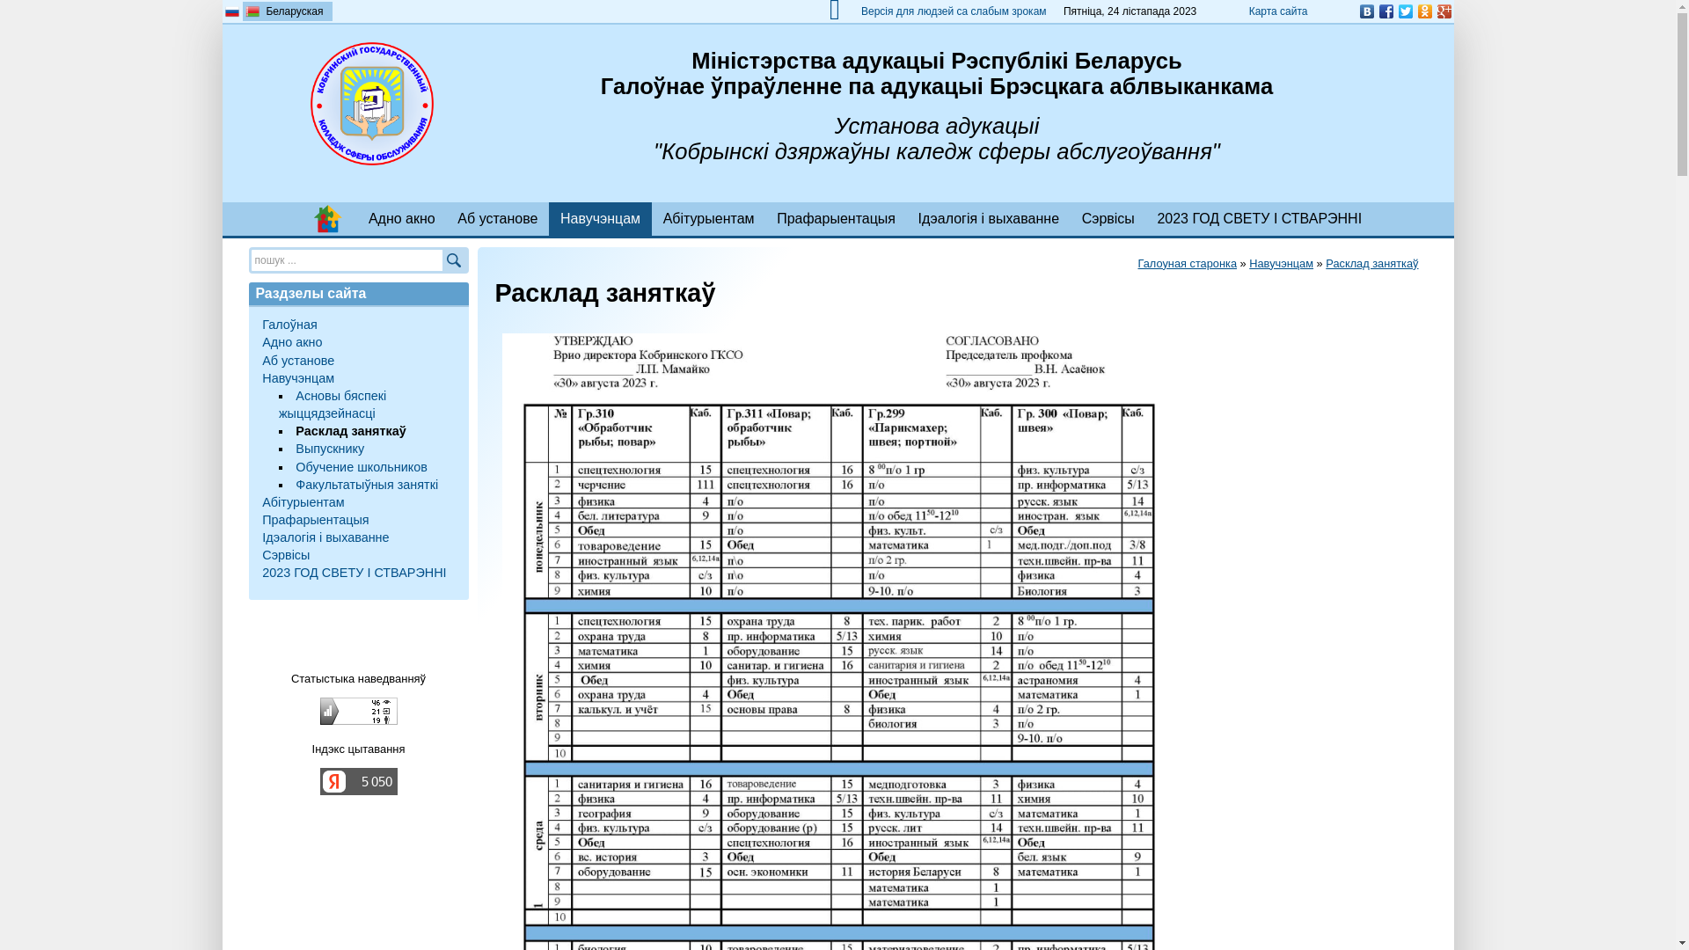 This screenshot has width=1689, height=950. I want to click on 'Facebook', so click(1384, 11).